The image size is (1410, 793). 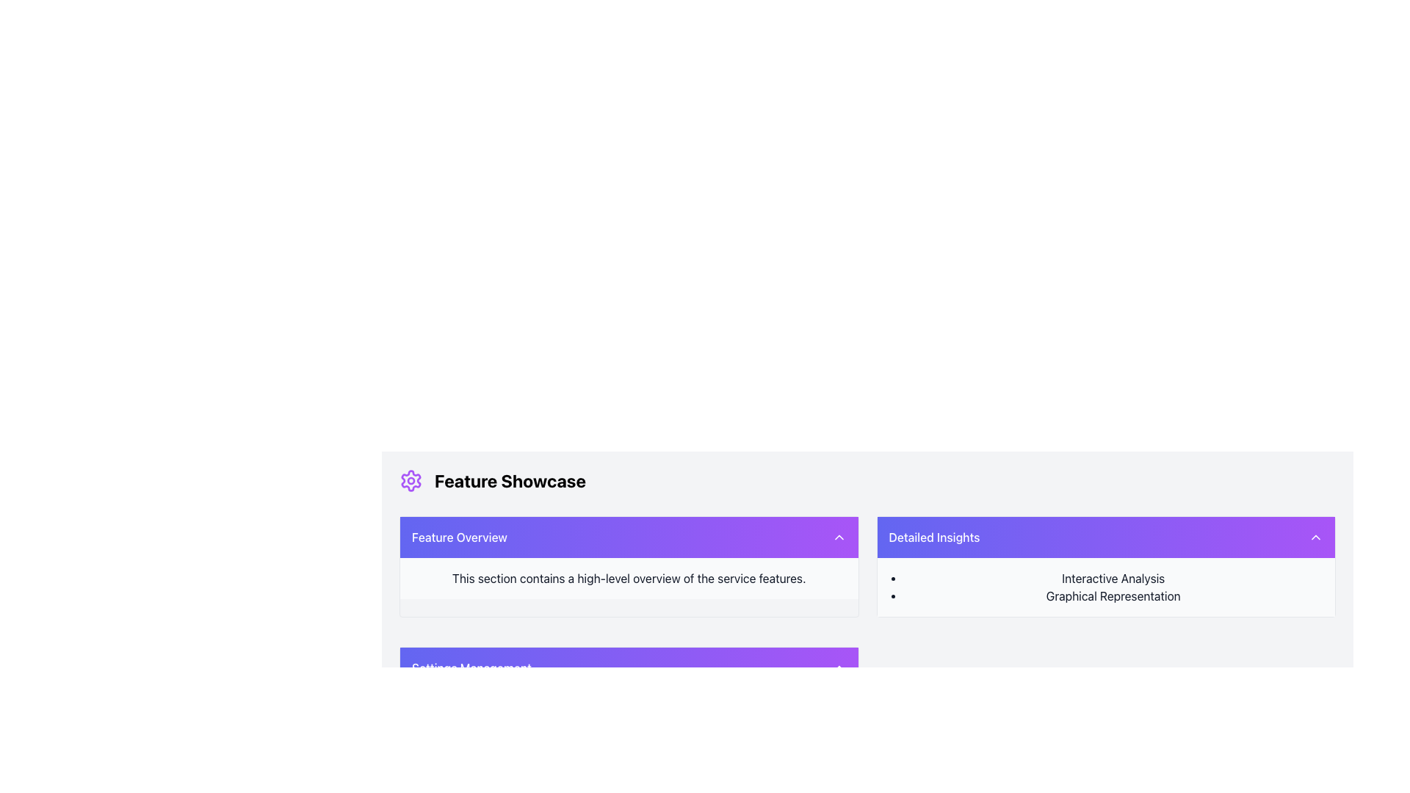 What do you see at coordinates (411, 481) in the screenshot?
I see `the purple settings icon represented by the SVG vector graphic` at bounding box center [411, 481].